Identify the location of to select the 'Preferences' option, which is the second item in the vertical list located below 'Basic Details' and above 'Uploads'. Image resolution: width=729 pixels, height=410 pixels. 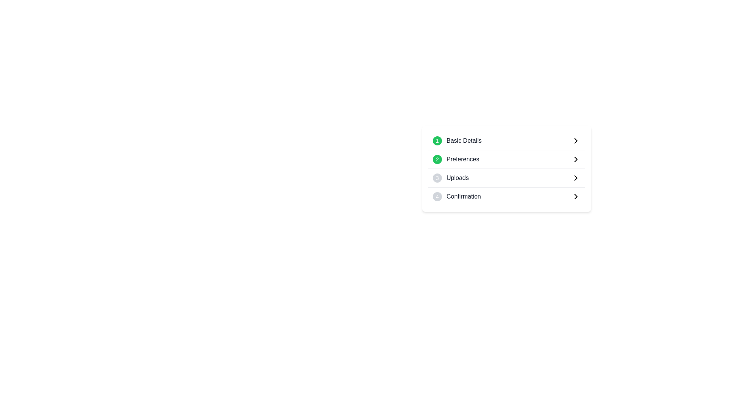
(507, 159).